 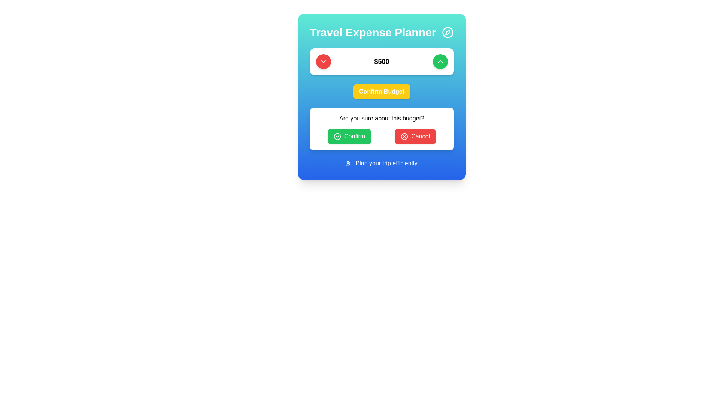 What do you see at coordinates (415, 137) in the screenshot?
I see `the cancellation button located in the lower section of the central white card, which is the second button to the right of the green 'Confirm' button` at bounding box center [415, 137].